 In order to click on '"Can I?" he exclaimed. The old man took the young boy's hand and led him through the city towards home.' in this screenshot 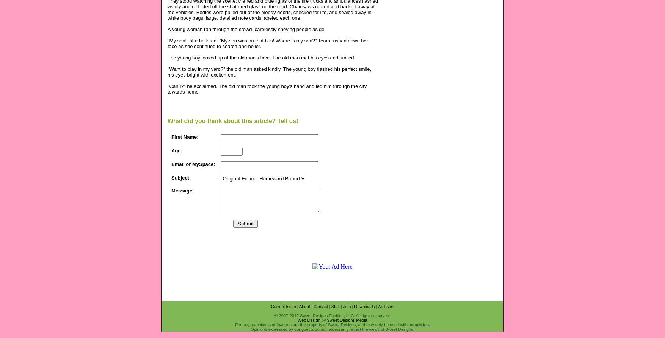, I will do `click(167, 88)`.